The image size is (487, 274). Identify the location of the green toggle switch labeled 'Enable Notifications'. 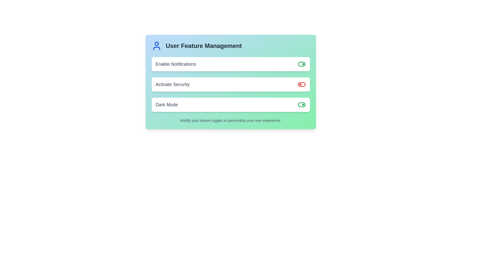
(302, 64).